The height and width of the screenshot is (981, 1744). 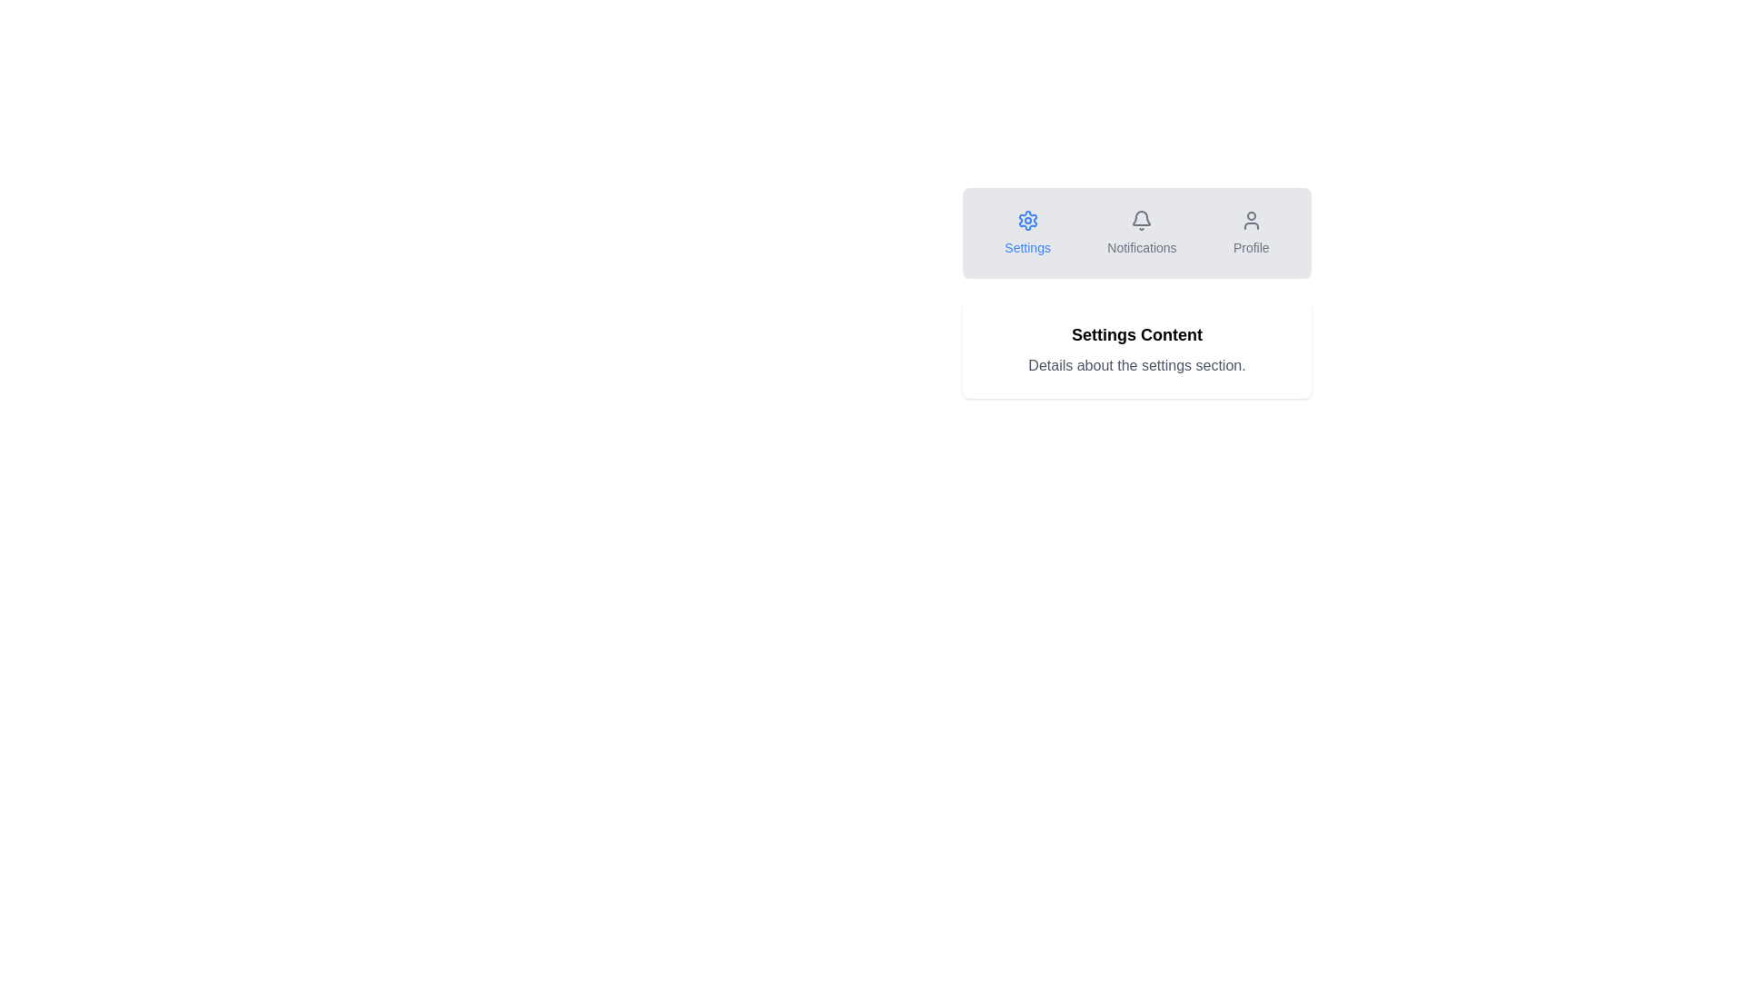 I want to click on the 'Profile' interactive button, which features a user figure icon and gray text label, located at the far-right end of a group of three buttons, so click(x=1250, y=233).